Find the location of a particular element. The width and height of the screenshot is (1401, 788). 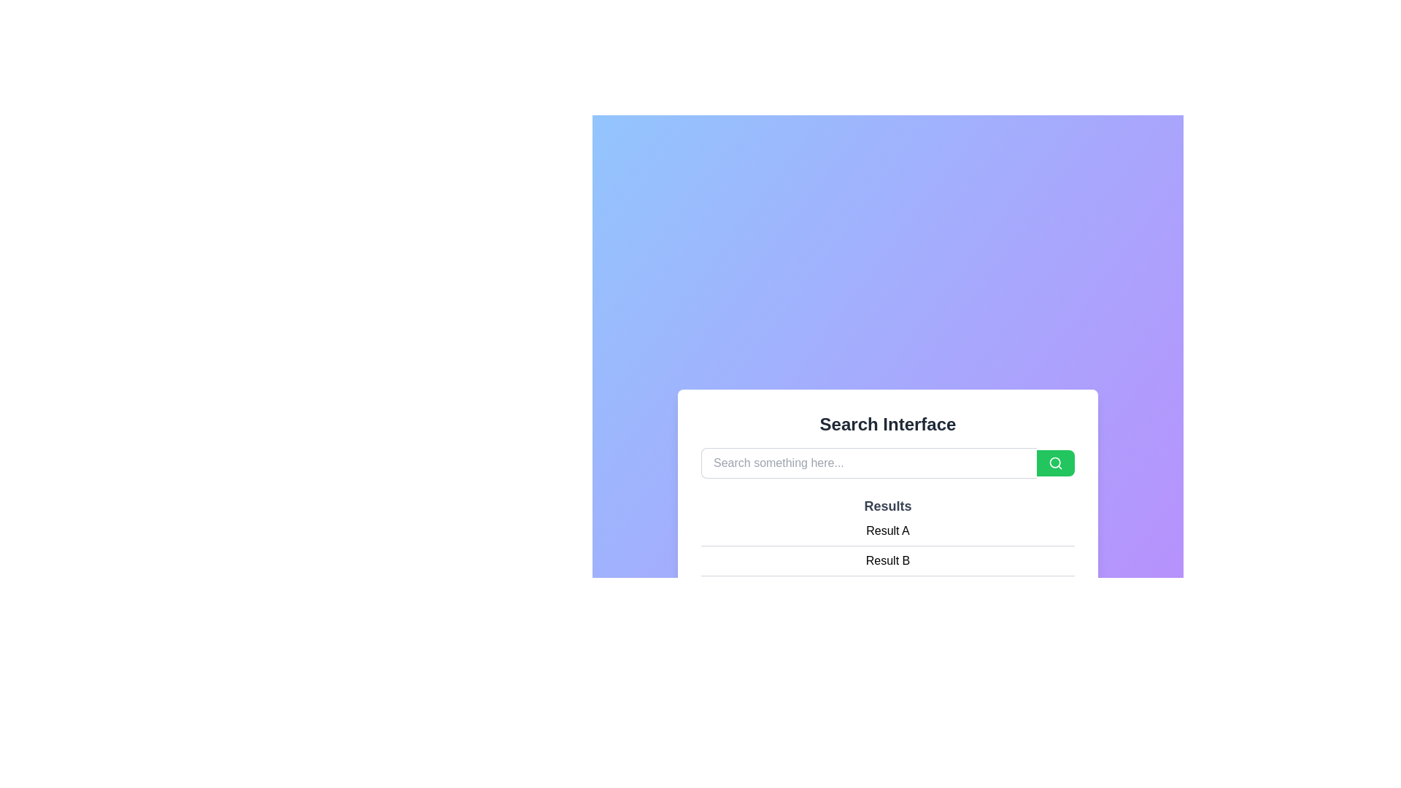

the central circular component of the search icon, which represents the lens of a magnifying glass located to the right of an input field is located at coordinates (1055, 463).